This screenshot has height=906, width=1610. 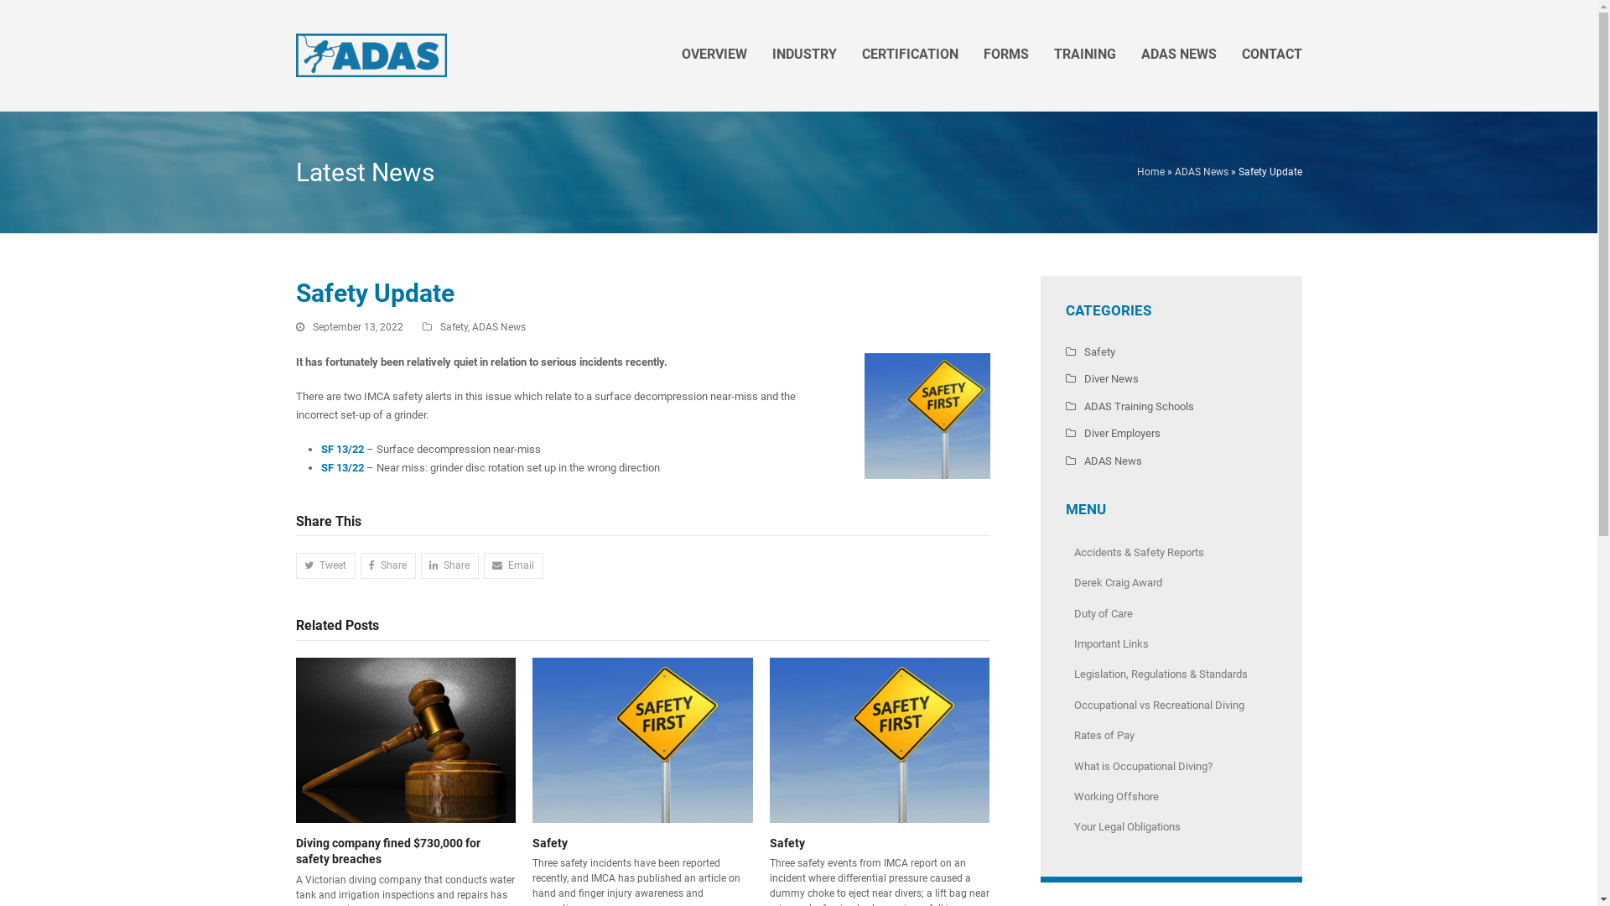 What do you see at coordinates (550, 843) in the screenshot?
I see `'Safety'` at bounding box center [550, 843].